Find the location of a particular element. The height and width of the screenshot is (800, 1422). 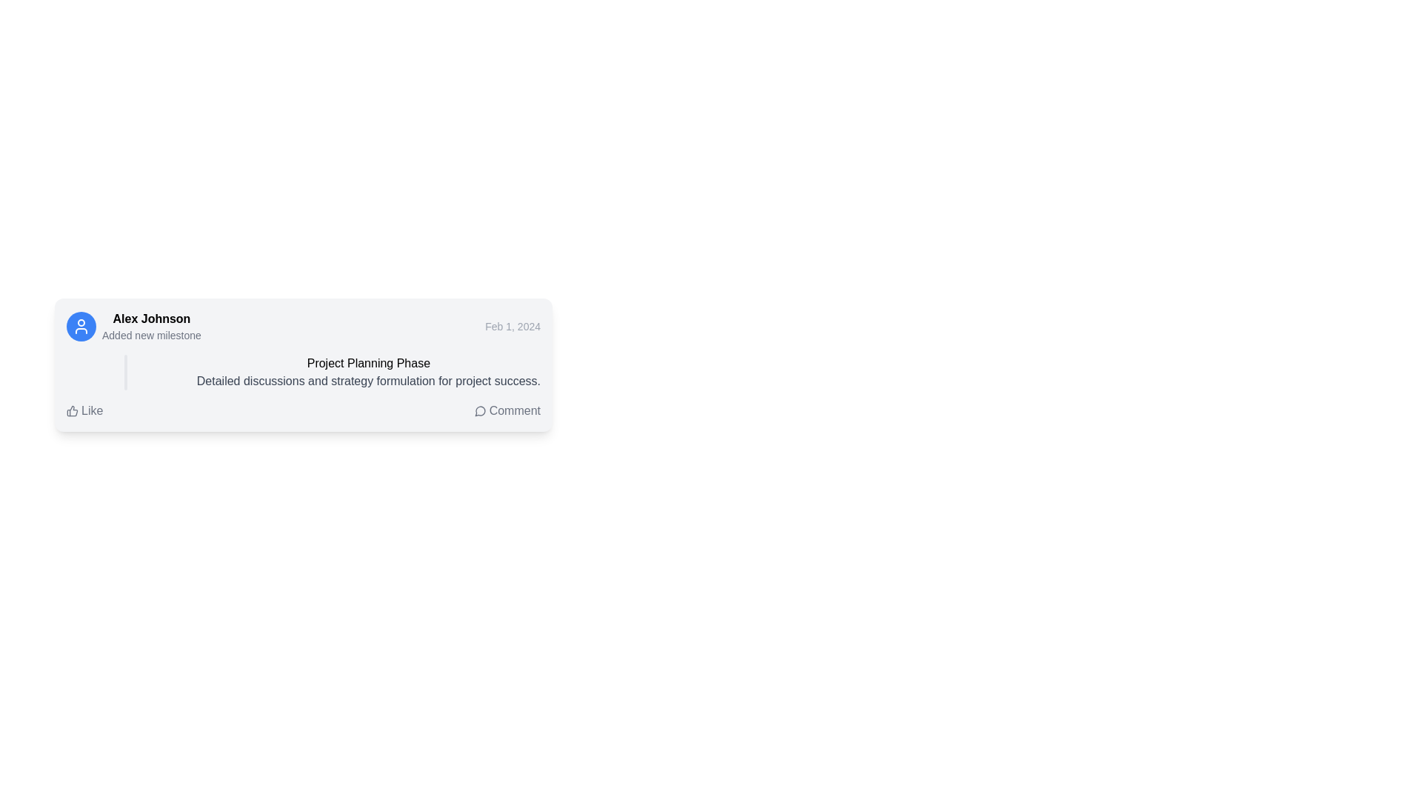

the comment icon located in the user activity card, positioned adjacent to the 'Comment' button, at the bottom-right of the card is located at coordinates (480, 411).